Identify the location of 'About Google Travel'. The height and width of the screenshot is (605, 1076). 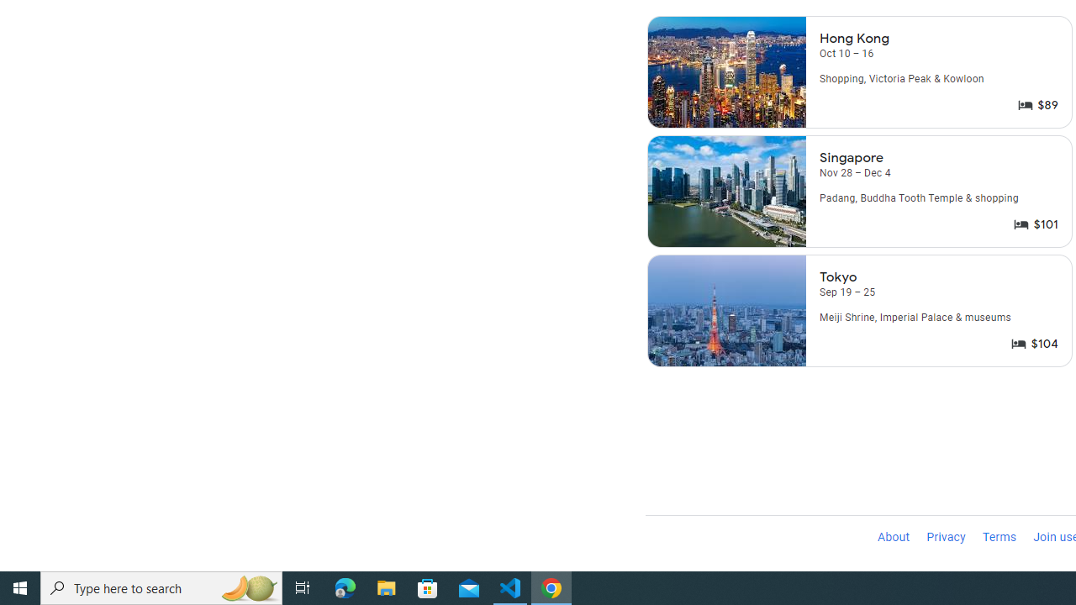
(893, 538).